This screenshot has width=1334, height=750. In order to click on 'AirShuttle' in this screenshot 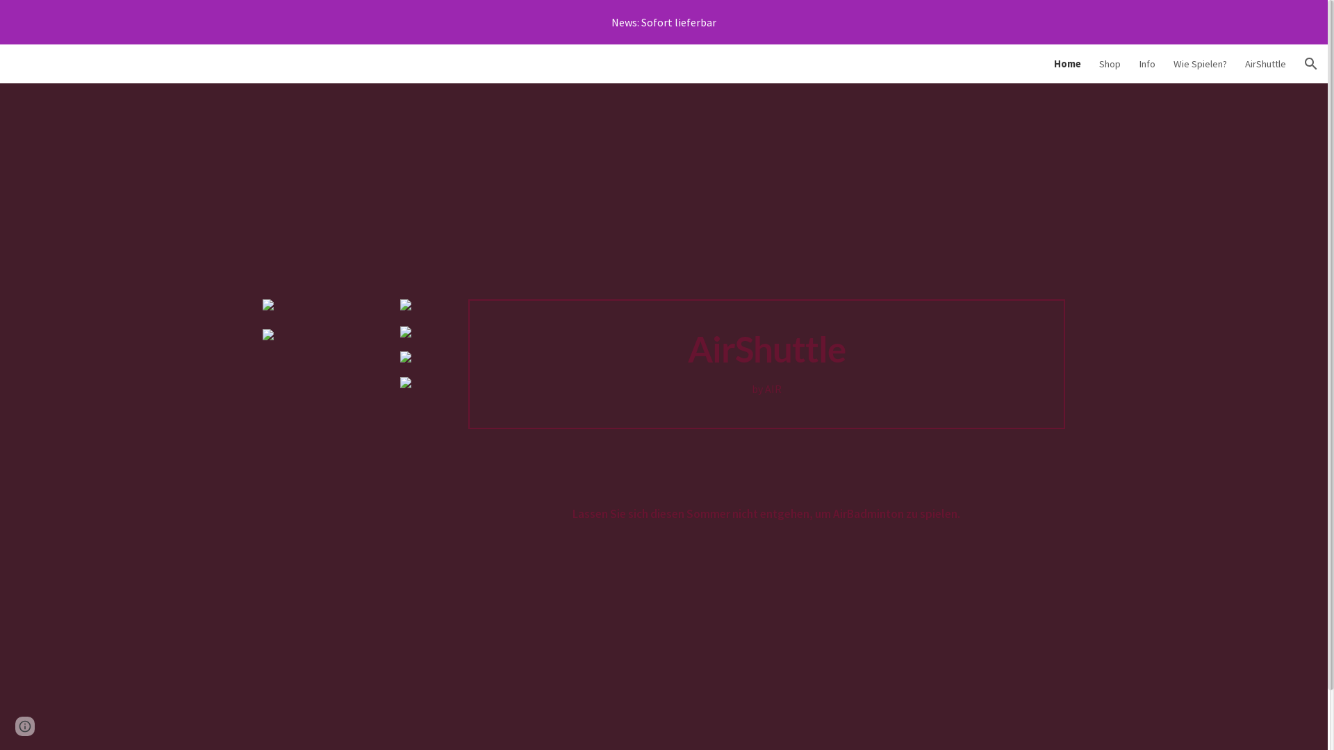, I will do `click(1265, 64)`.